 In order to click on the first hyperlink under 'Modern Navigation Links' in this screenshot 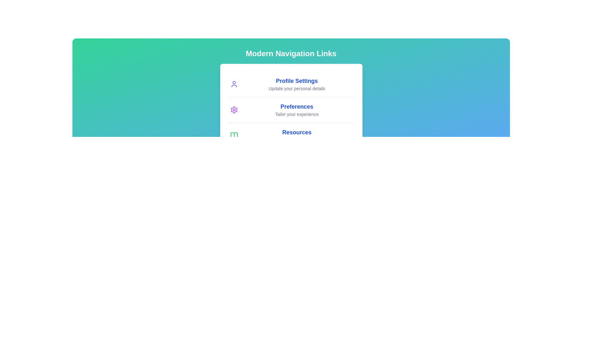, I will do `click(296, 80)`.